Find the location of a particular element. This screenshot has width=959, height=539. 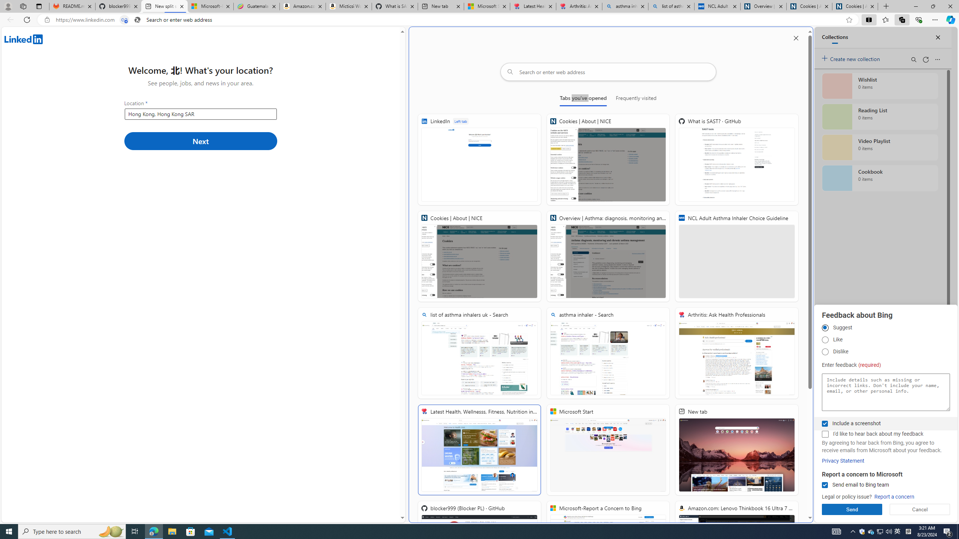

'Close split screen' is located at coordinates (795, 37).